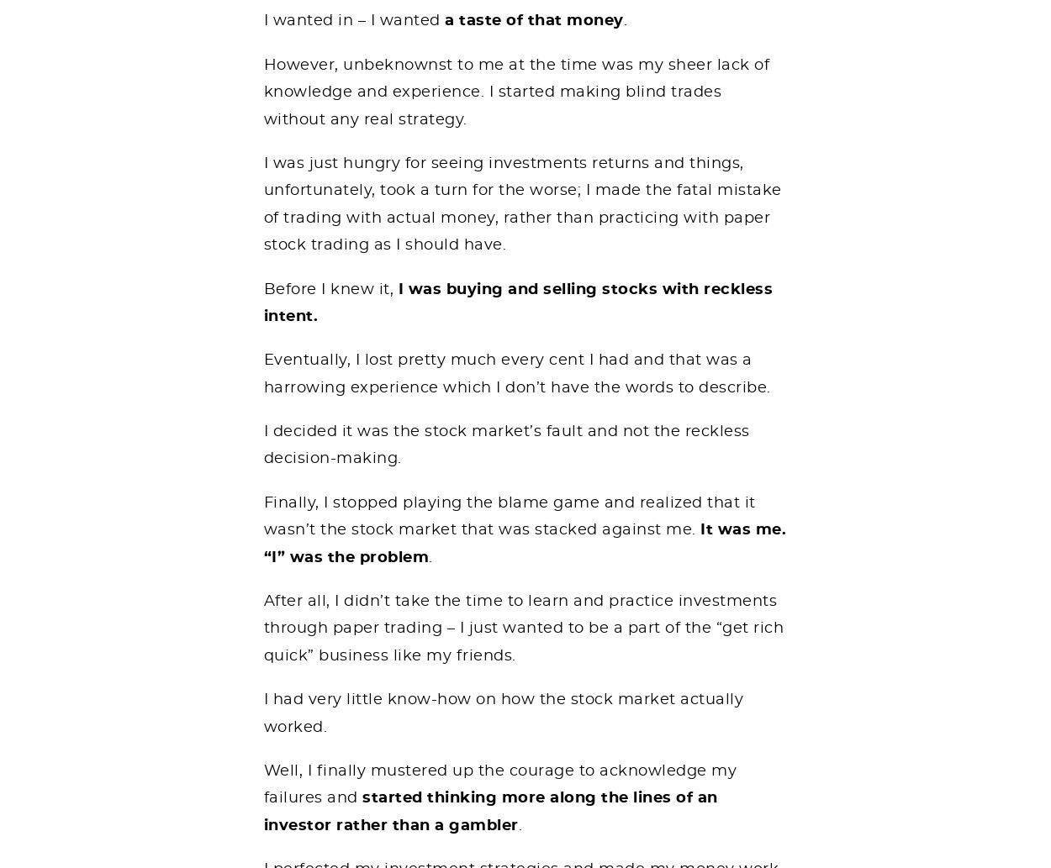  Describe the element at coordinates (489, 810) in the screenshot. I see `'started thinking more along the lines of an investor rather than a gambler'` at that location.